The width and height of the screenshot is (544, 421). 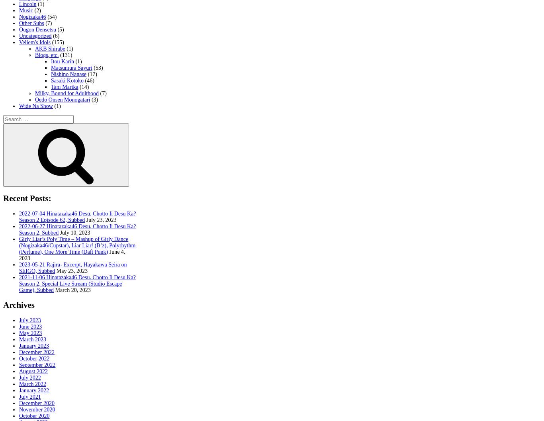 I want to click on 'Matsumura Sayuri', so click(x=71, y=68).